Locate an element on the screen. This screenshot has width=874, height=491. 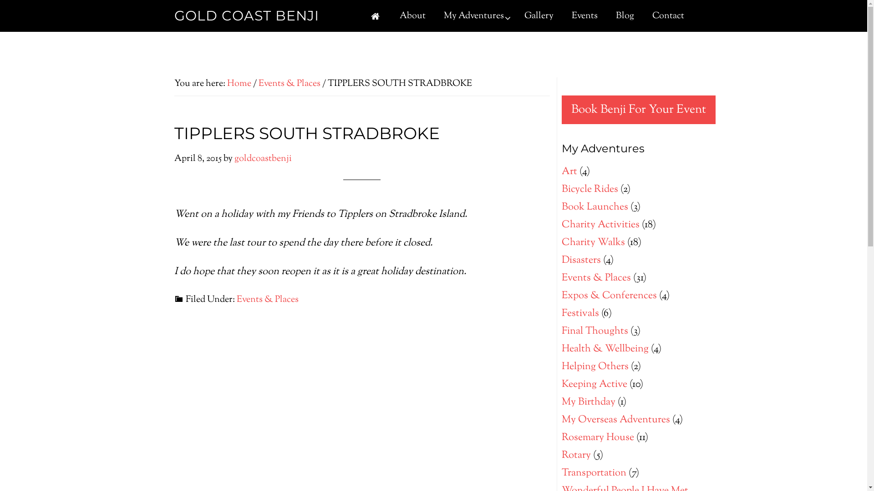
'Keeping Active' is located at coordinates (594, 384).